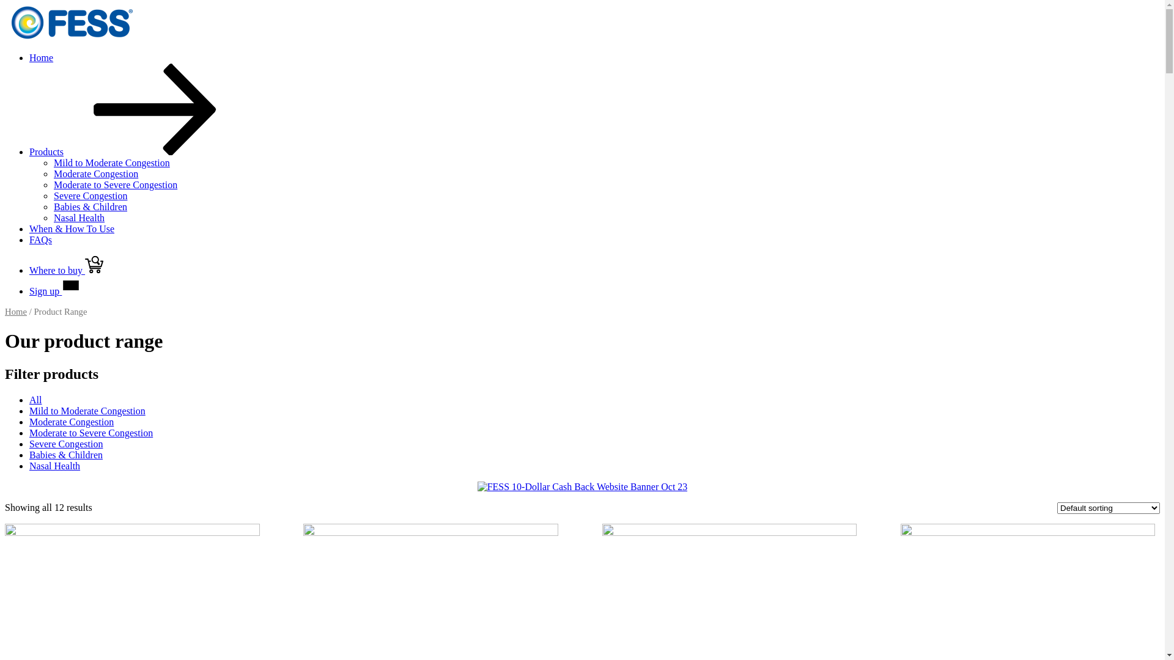  What do you see at coordinates (65, 455) in the screenshot?
I see `'Babies & Children'` at bounding box center [65, 455].